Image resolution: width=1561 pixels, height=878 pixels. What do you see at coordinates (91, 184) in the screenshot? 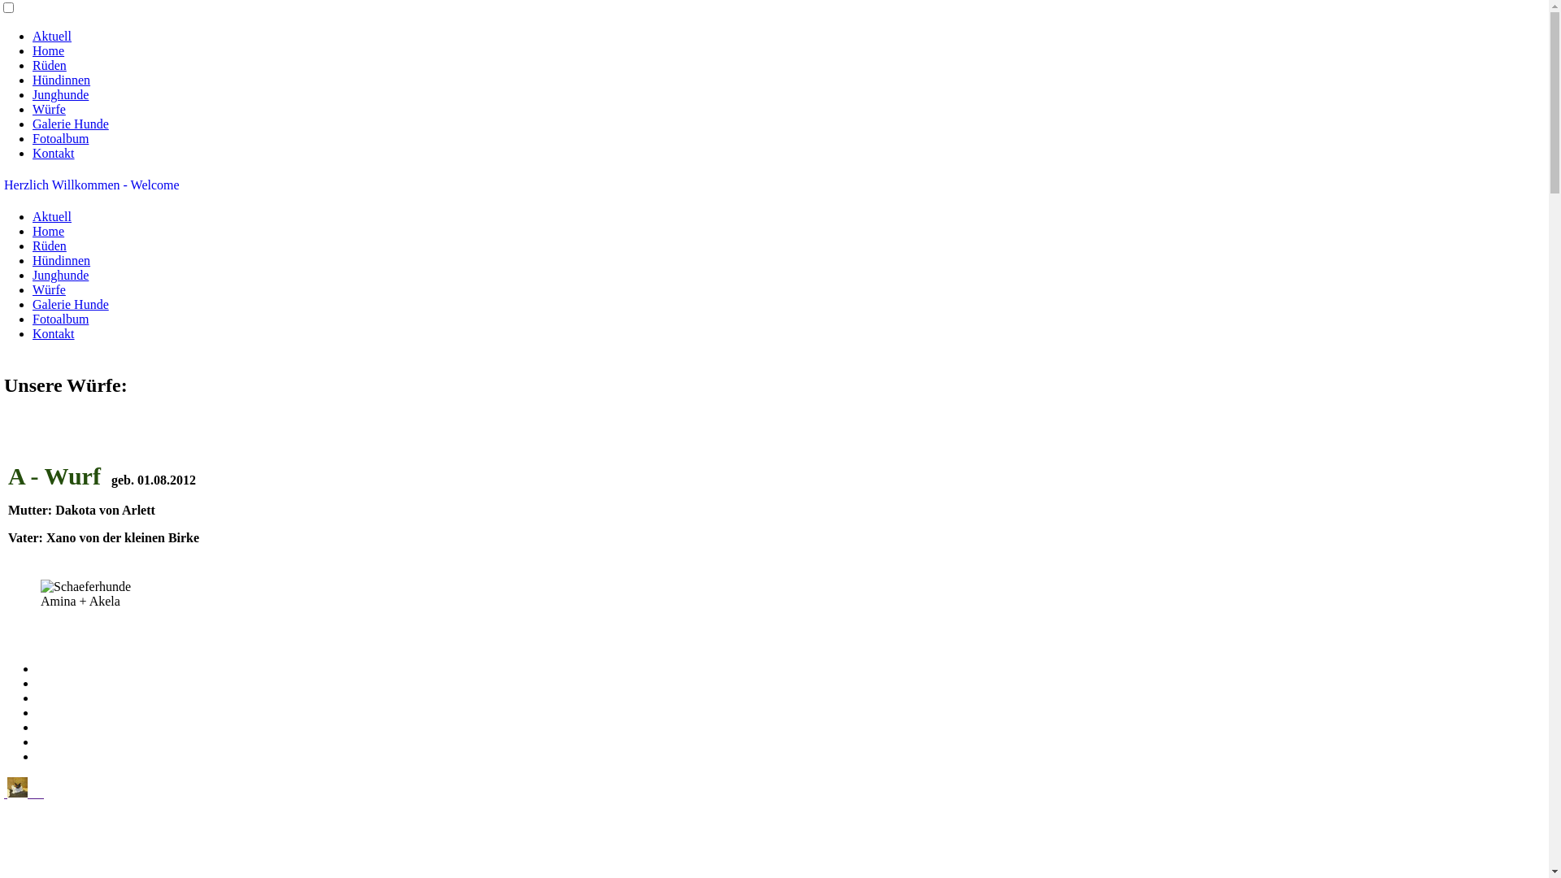
I see `'Herzlich Willkommen - Welcome'` at bounding box center [91, 184].